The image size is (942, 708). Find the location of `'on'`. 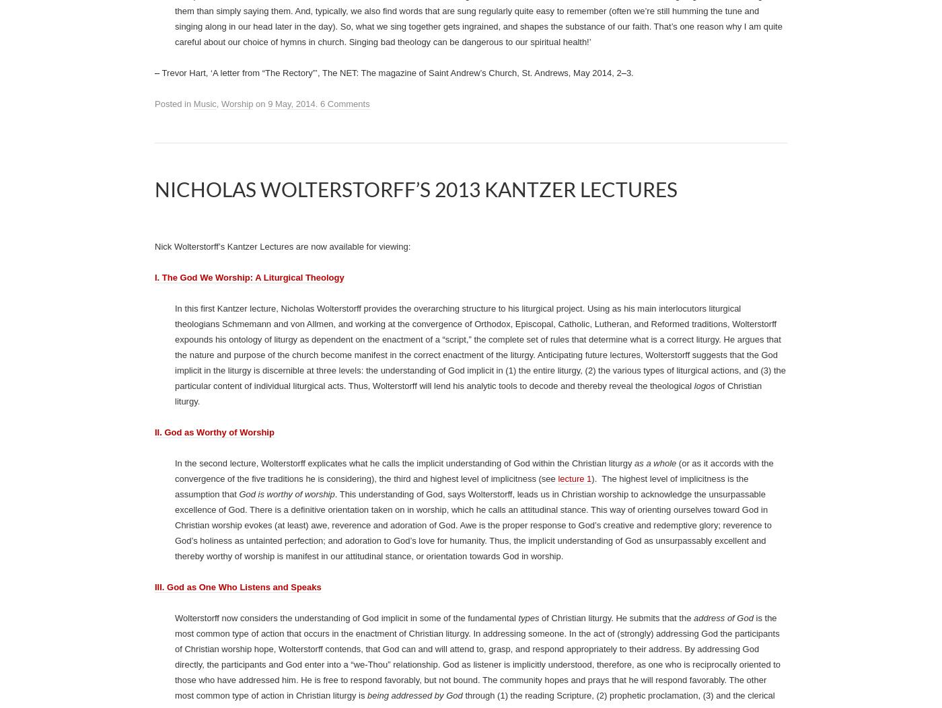

'on' is located at coordinates (255, 317).